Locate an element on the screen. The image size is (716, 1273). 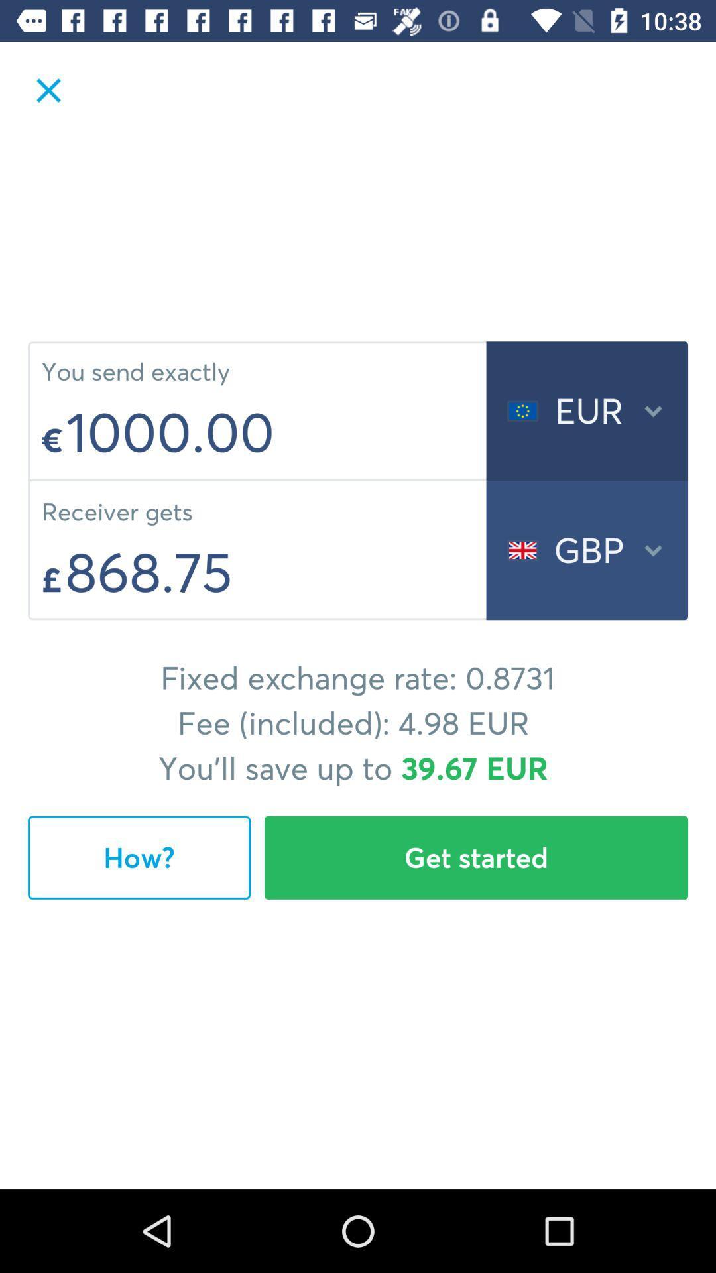
the item next to the get started icon is located at coordinates (139, 857).